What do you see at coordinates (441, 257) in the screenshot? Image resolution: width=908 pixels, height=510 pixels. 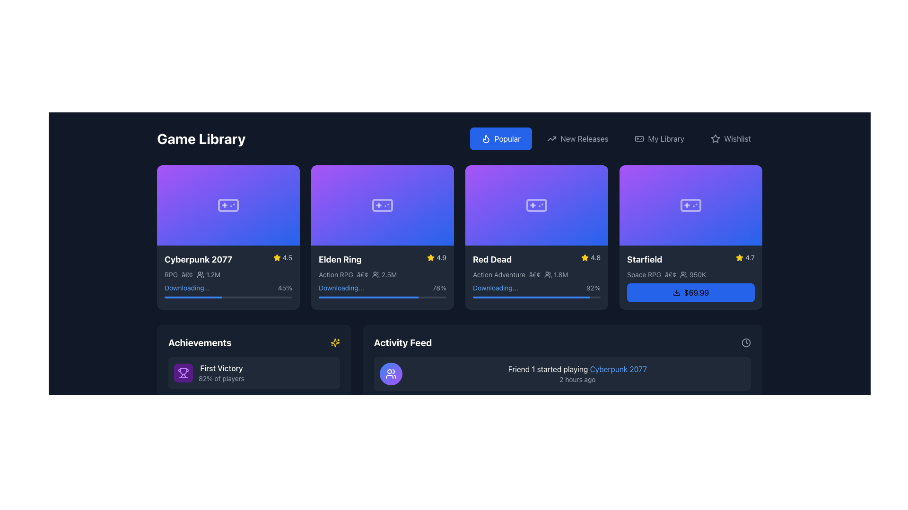 I see `the text label displaying the rating value for the game 'Elden Ring', located to the right of the star icon in the rating section of the card` at bounding box center [441, 257].